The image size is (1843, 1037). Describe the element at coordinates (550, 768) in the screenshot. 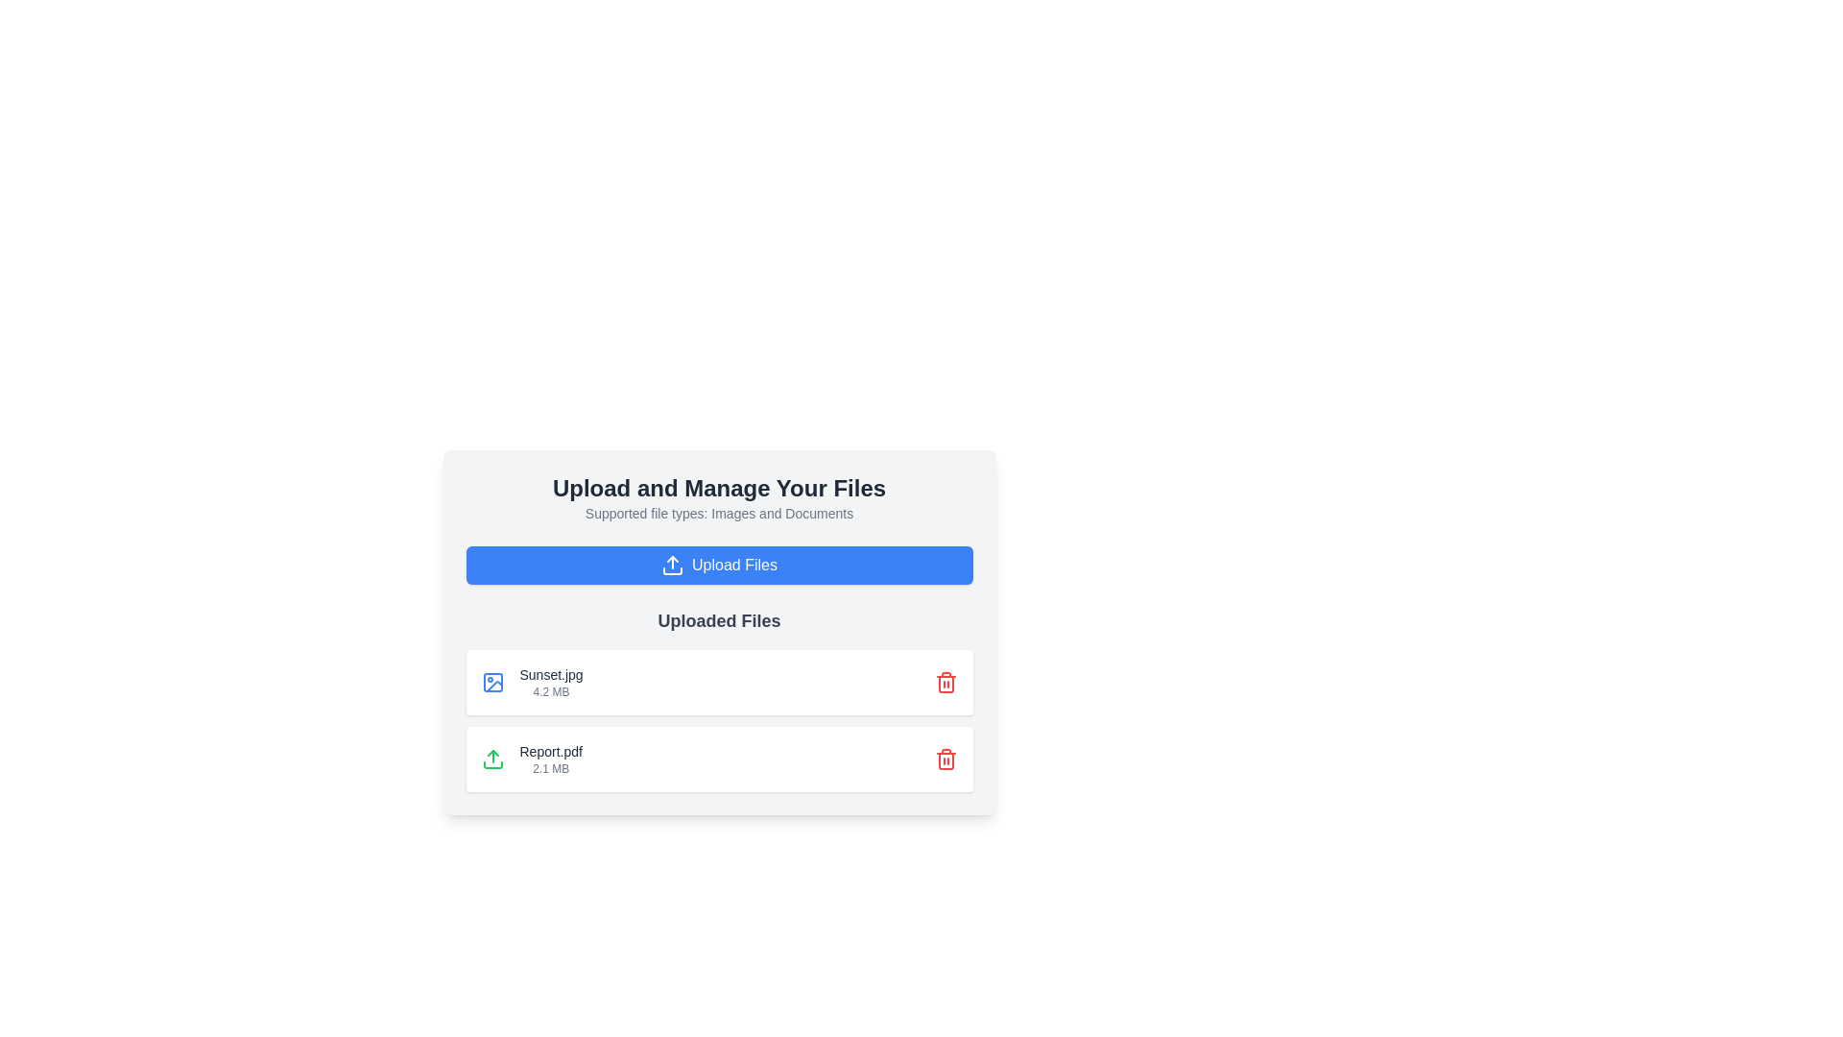

I see `the Text label indicating the size of the file in megabytes, which is positioned below the 'Report.pdf' text and aligns to its left` at that location.